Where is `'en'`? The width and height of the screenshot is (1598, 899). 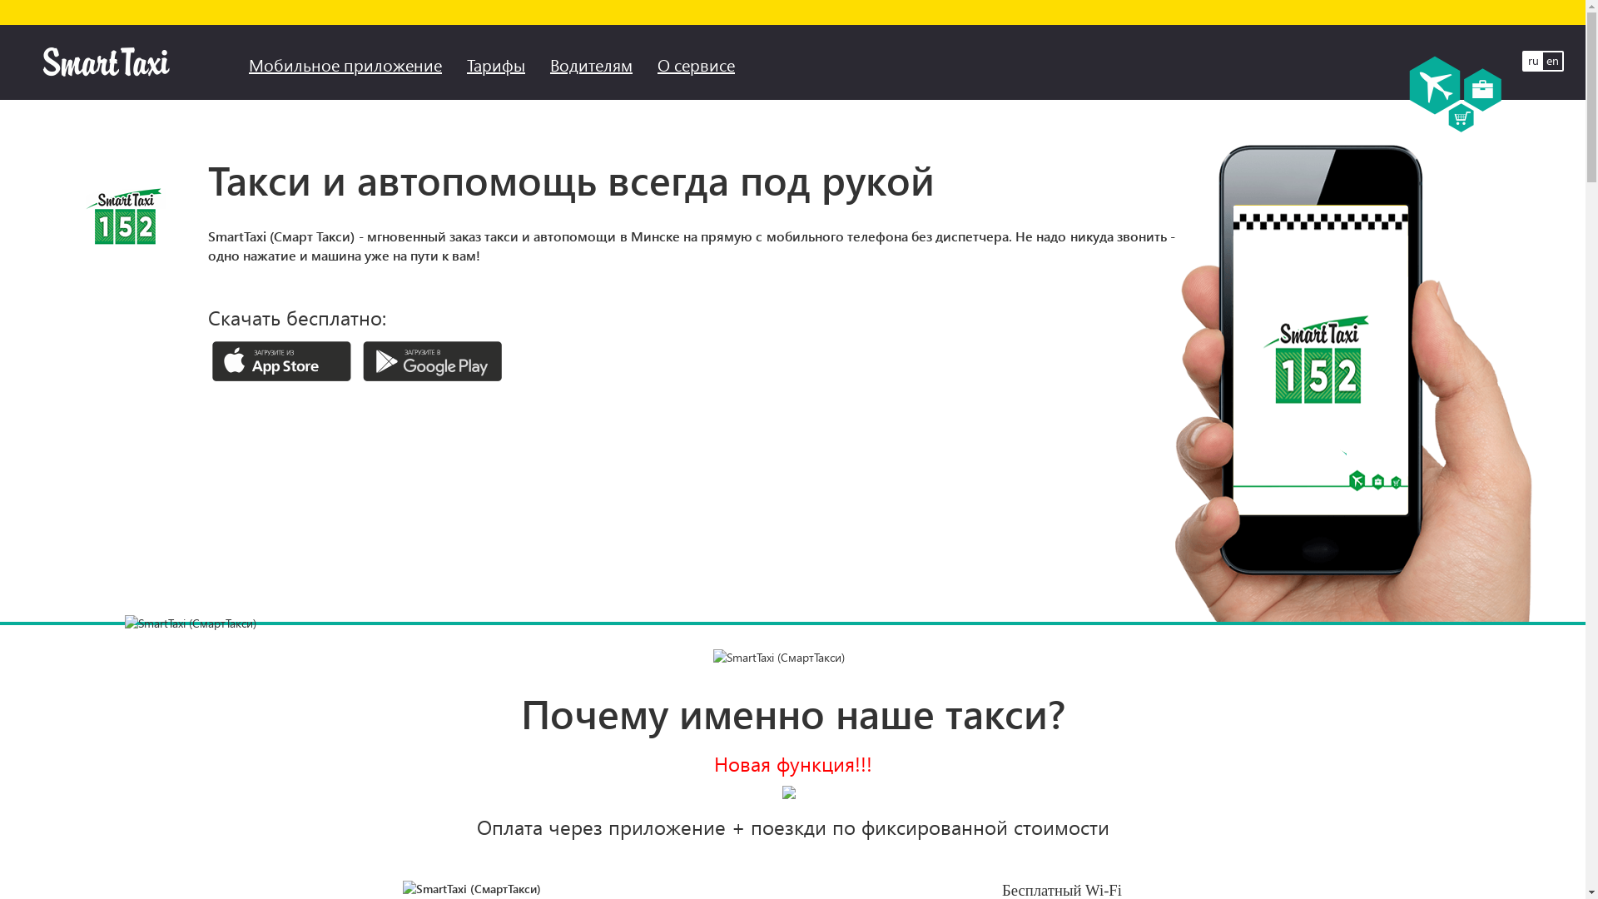
'en' is located at coordinates (1551, 59).